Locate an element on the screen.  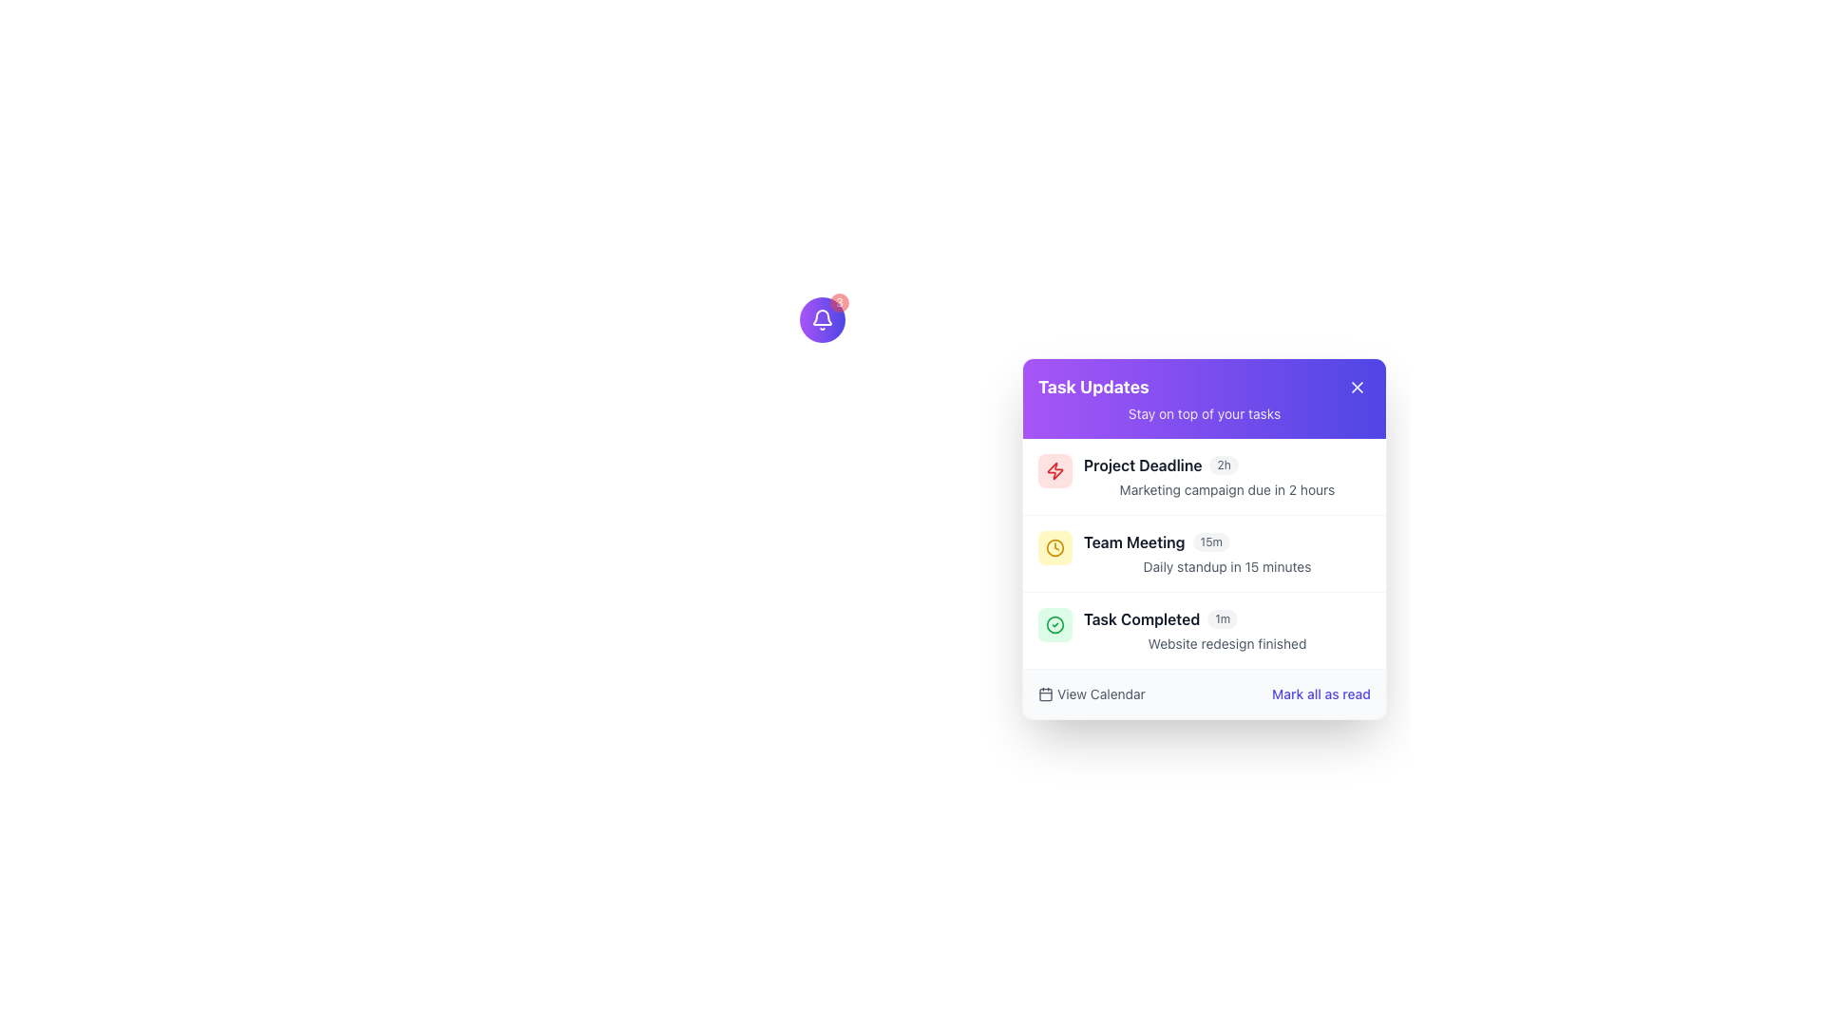
the static text label displaying 'Daily standup in 15 minutes', which is located under the 'Team Meeting' section in the 'Task Updates' panel is located at coordinates (1226, 566).